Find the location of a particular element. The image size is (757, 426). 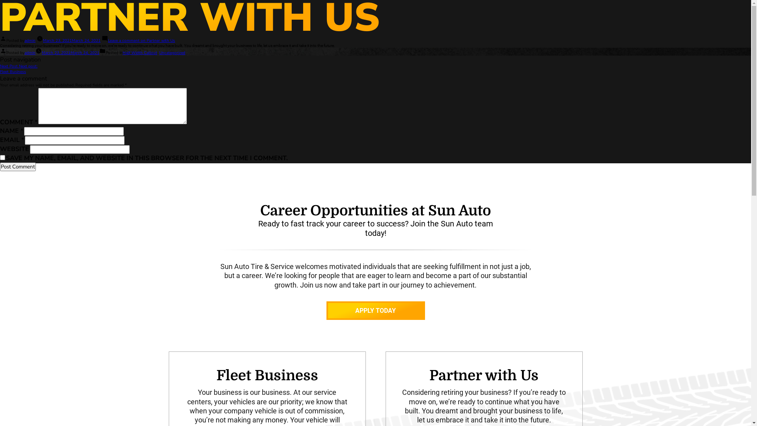

'admin' is located at coordinates (24, 41).